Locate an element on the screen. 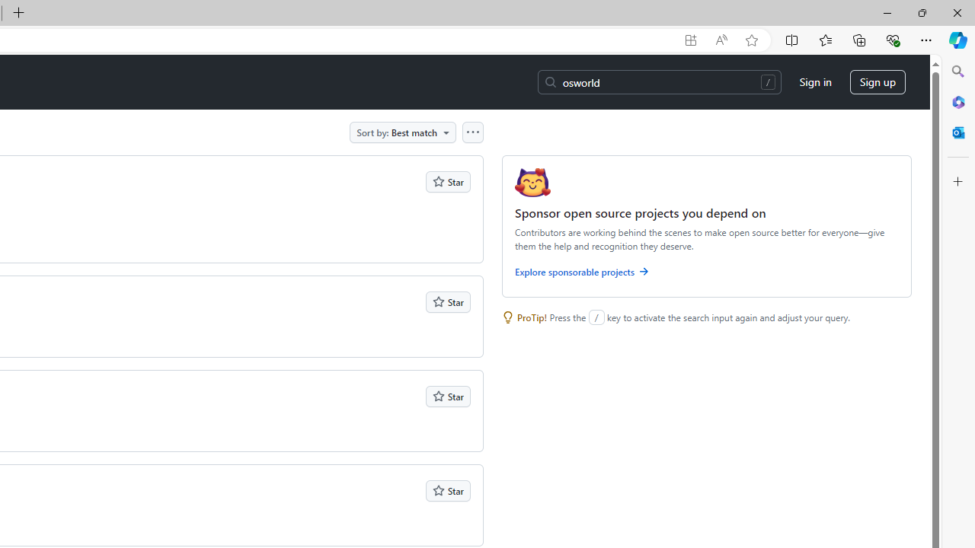 The image size is (975, 548). 'Favorites' is located at coordinates (824, 39).